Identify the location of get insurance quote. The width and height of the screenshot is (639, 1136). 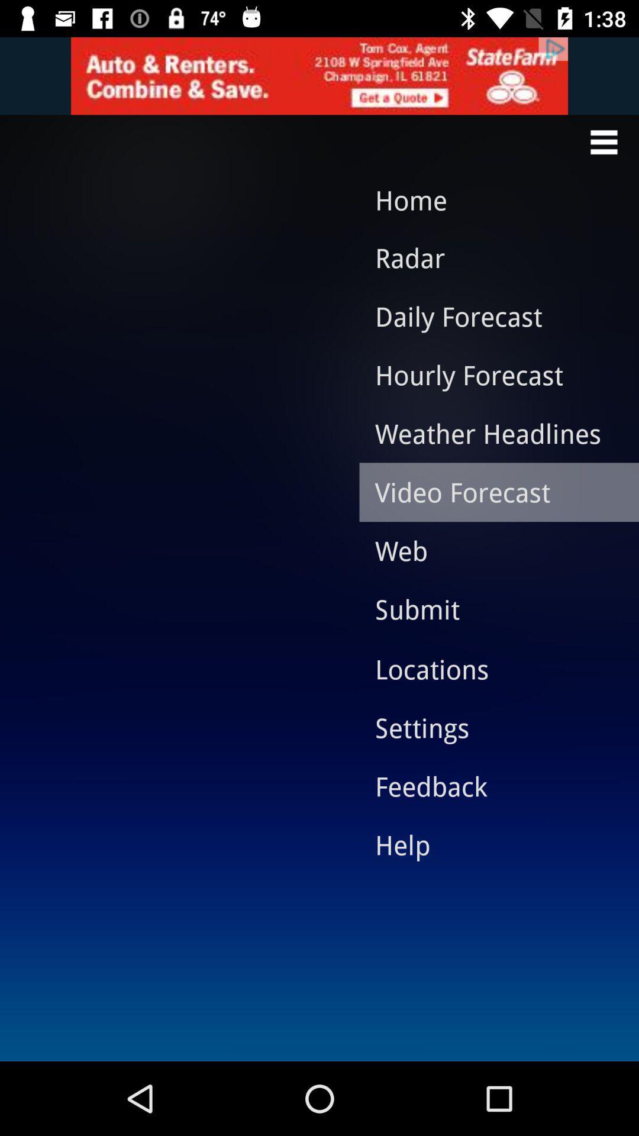
(319, 75).